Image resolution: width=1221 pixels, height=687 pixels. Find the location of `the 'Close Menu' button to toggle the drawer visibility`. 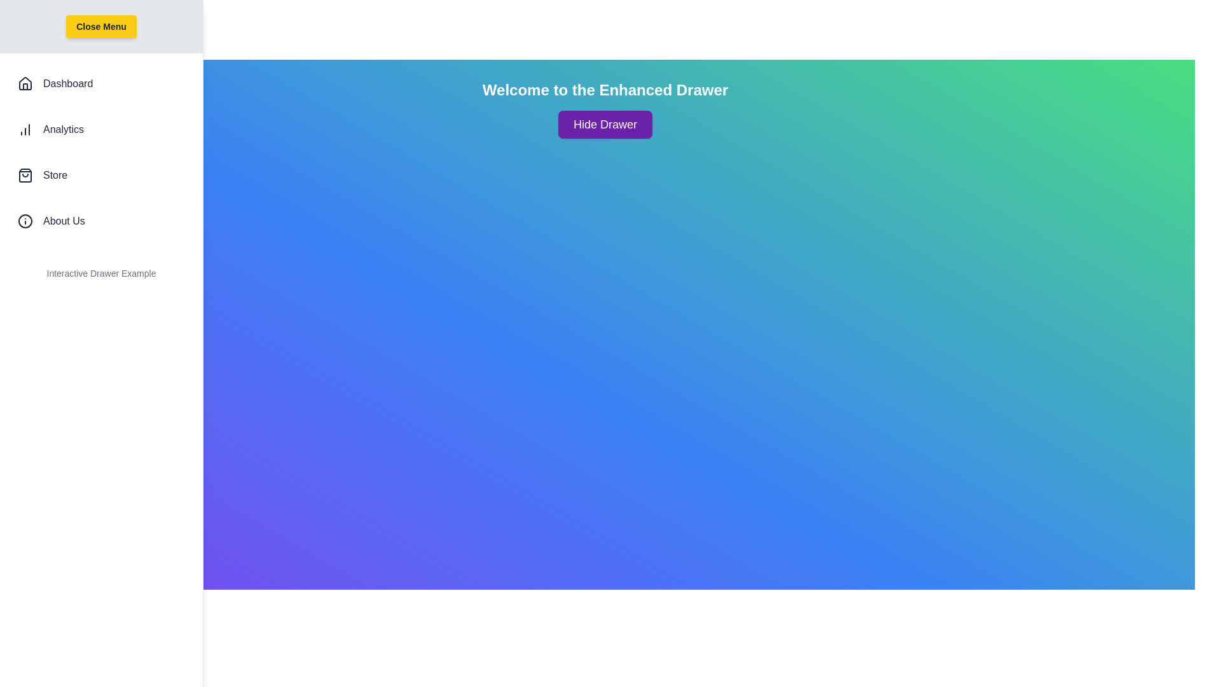

the 'Close Menu' button to toggle the drawer visibility is located at coordinates (100, 27).